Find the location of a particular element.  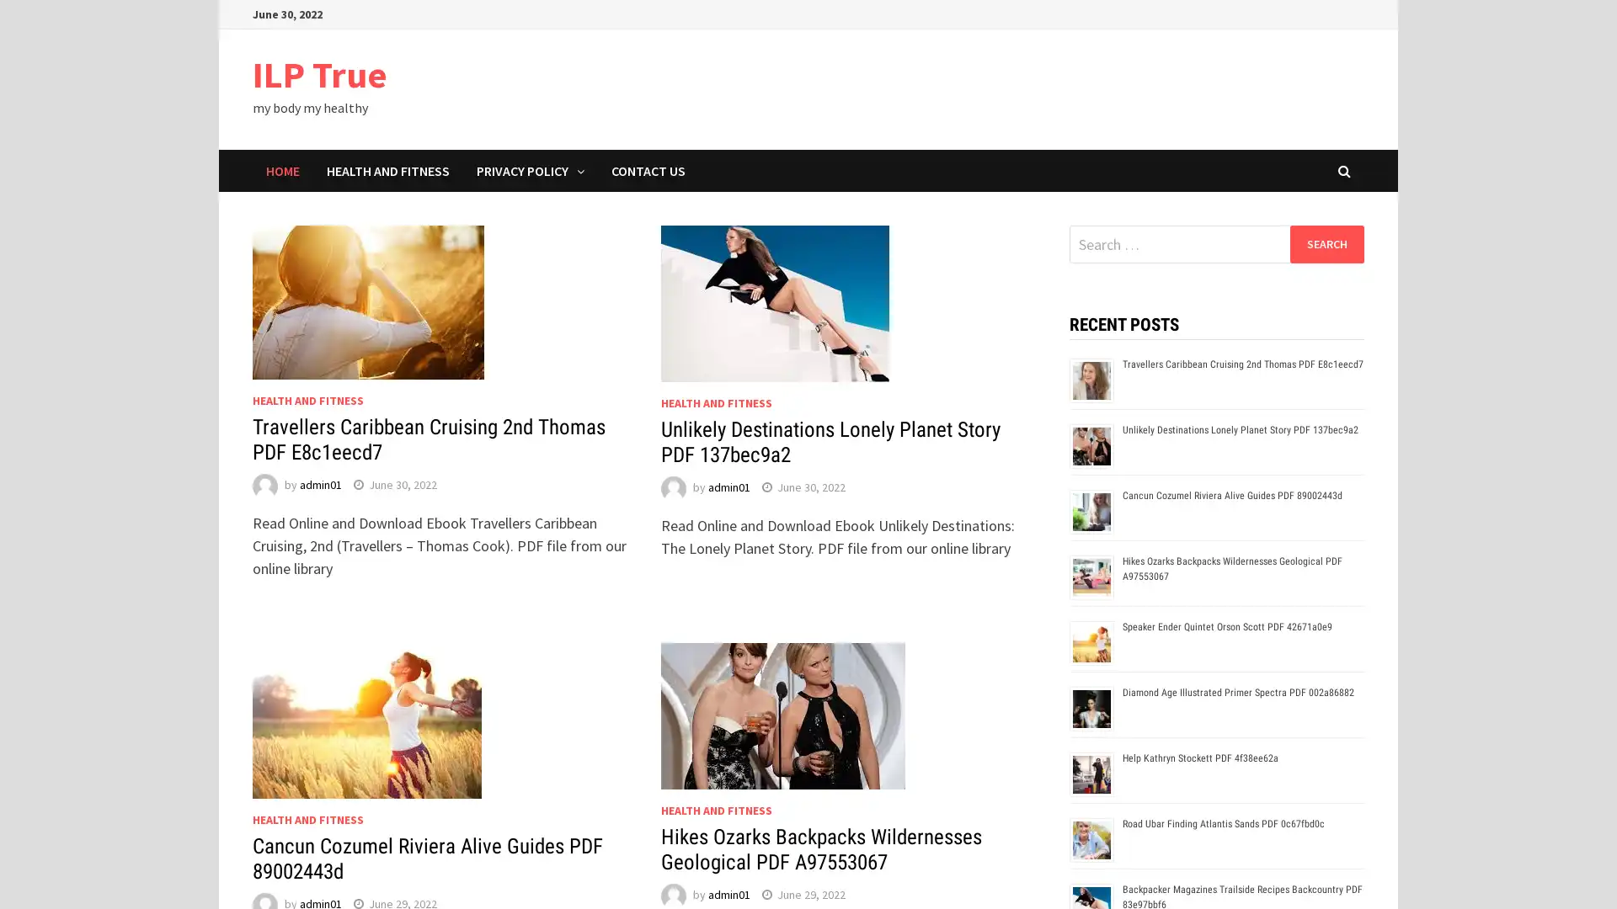

Search is located at coordinates (1326, 243).